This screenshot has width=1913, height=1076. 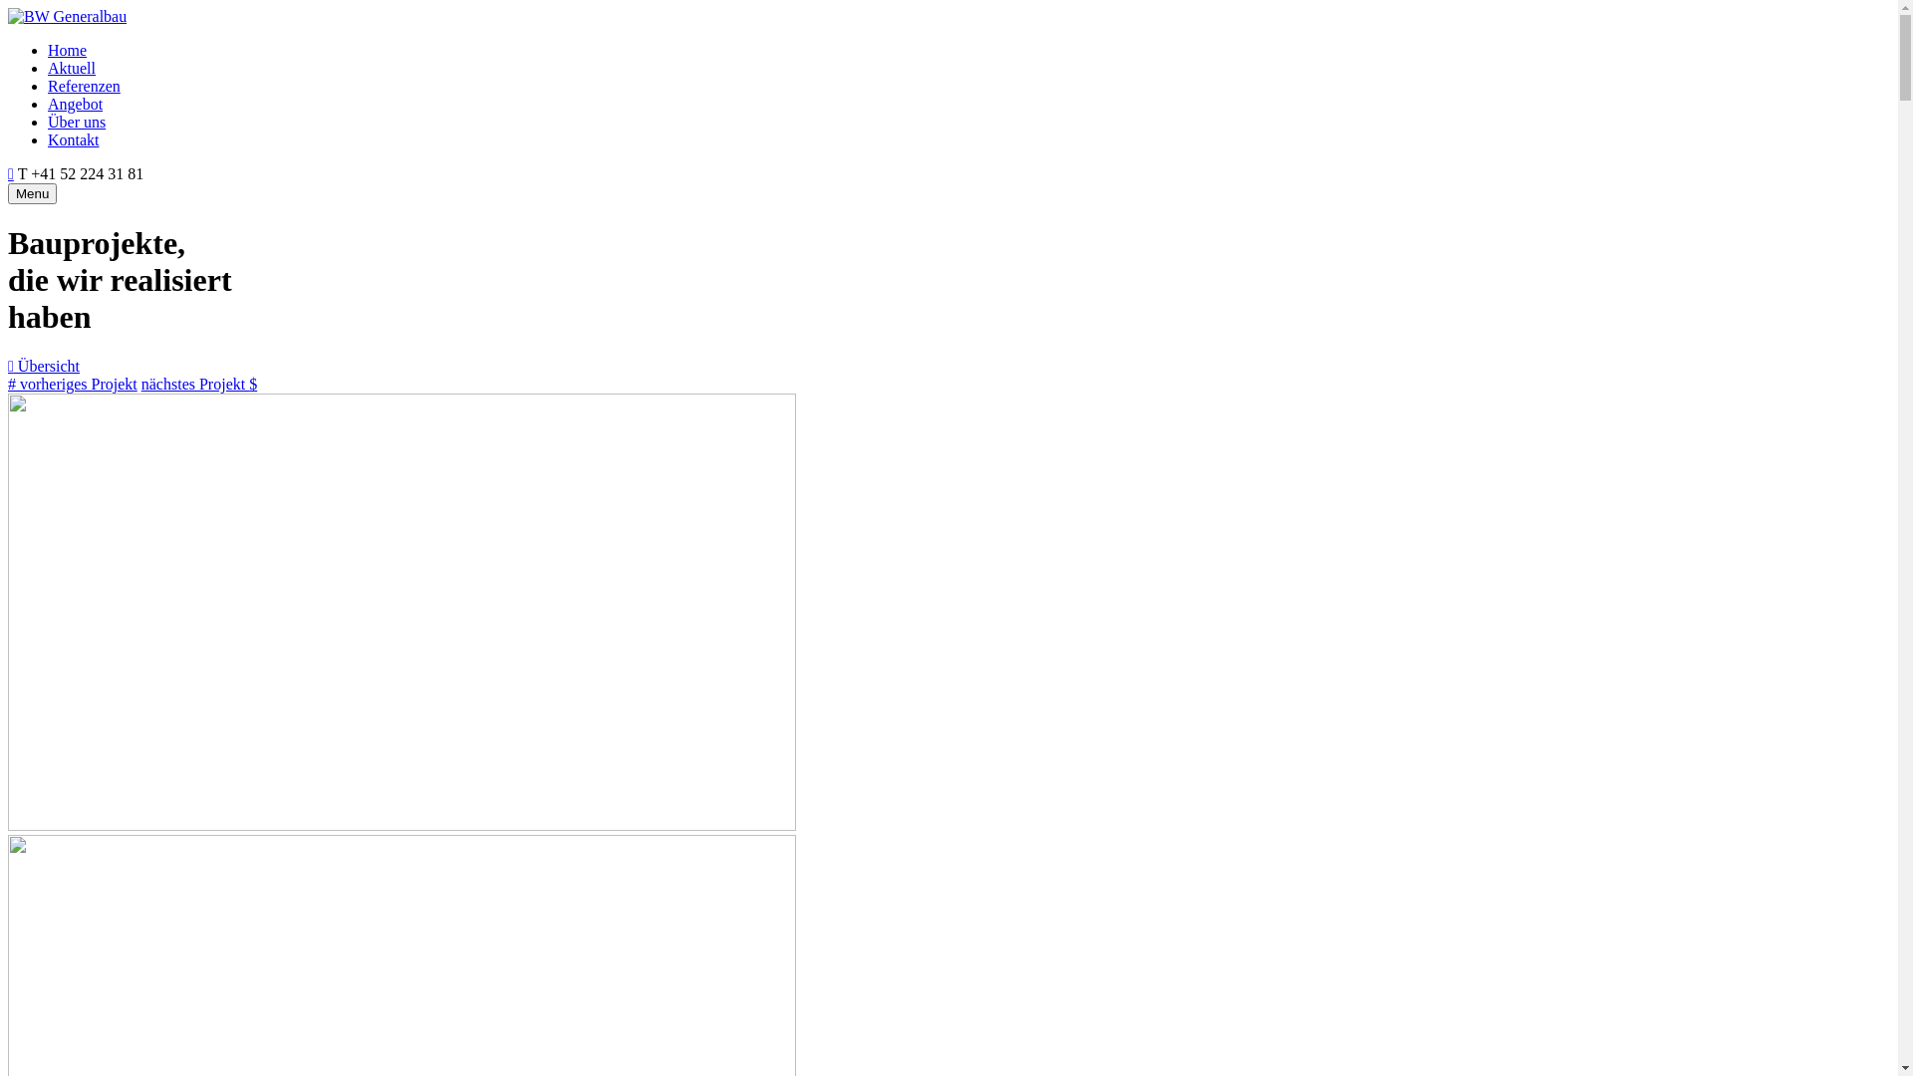 I want to click on 'Menu', so click(x=32, y=193).